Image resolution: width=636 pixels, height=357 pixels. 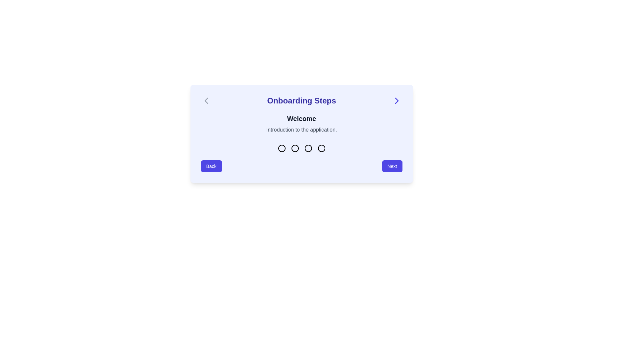 What do you see at coordinates (301, 100) in the screenshot?
I see `display text of the Header with inline navigation controls located at the top of the onboarding process steps card` at bounding box center [301, 100].